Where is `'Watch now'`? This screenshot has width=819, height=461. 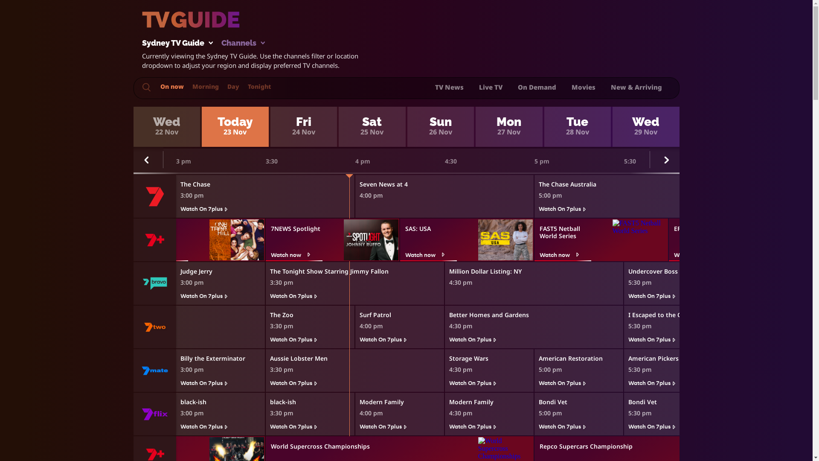
'Watch now' is located at coordinates (270, 254).